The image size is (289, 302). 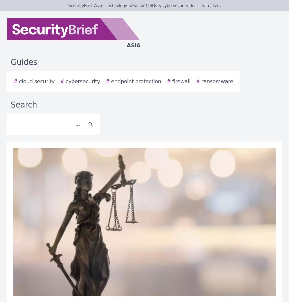 What do you see at coordinates (133, 45) in the screenshot?
I see `'Asia'` at bounding box center [133, 45].